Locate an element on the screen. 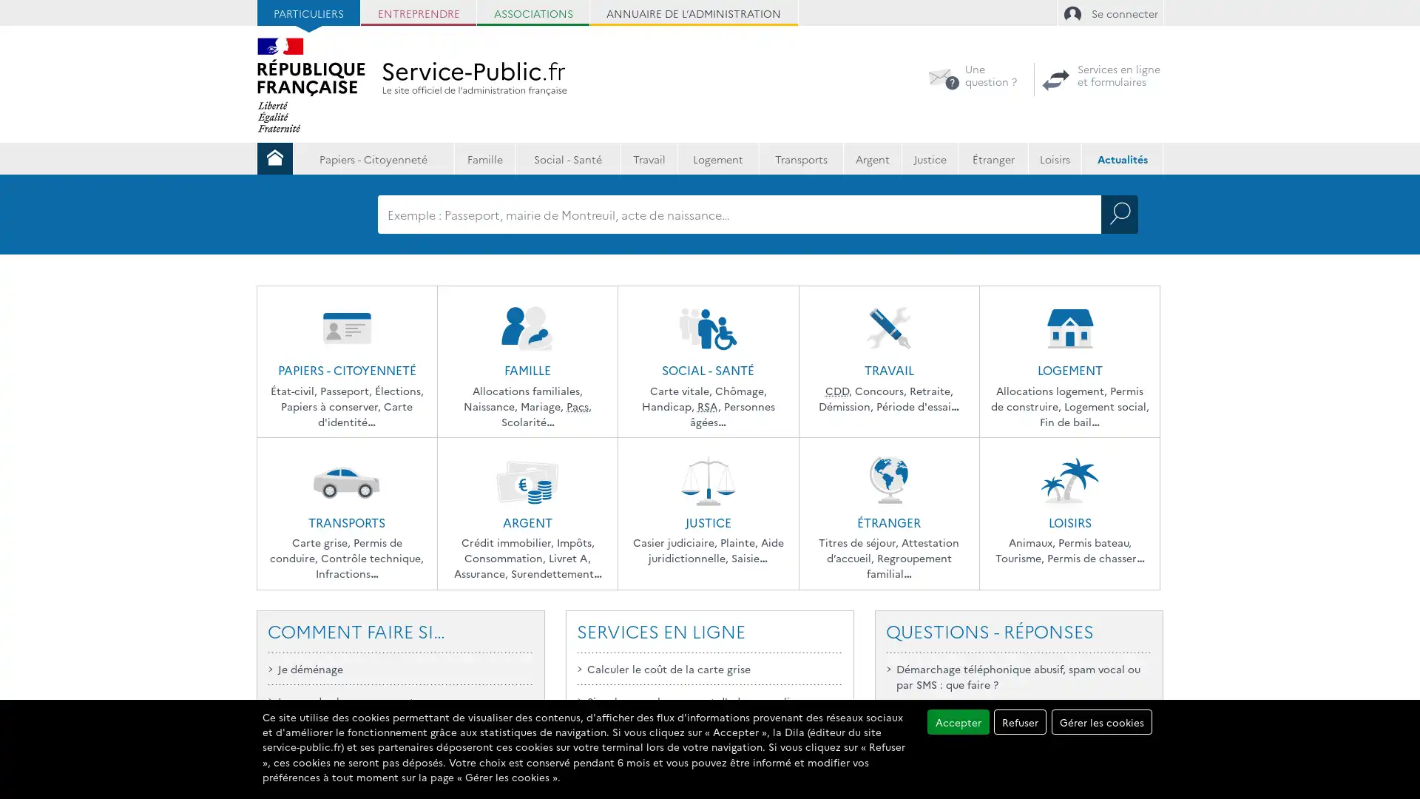 The image size is (1420, 799). Rechercher dans service-public.fr is located at coordinates (1119, 214).